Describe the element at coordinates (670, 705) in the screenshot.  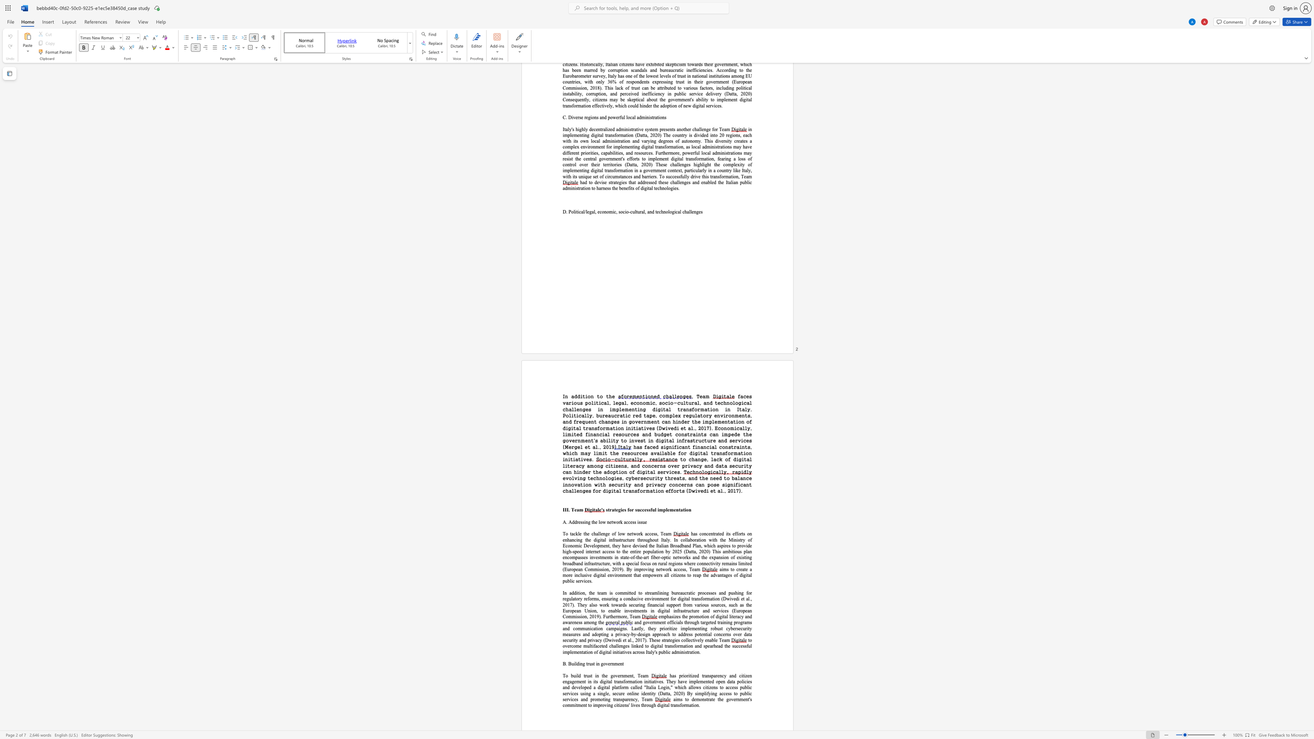
I see `the subset text "transf" within the text "ital transformation."` at that location.